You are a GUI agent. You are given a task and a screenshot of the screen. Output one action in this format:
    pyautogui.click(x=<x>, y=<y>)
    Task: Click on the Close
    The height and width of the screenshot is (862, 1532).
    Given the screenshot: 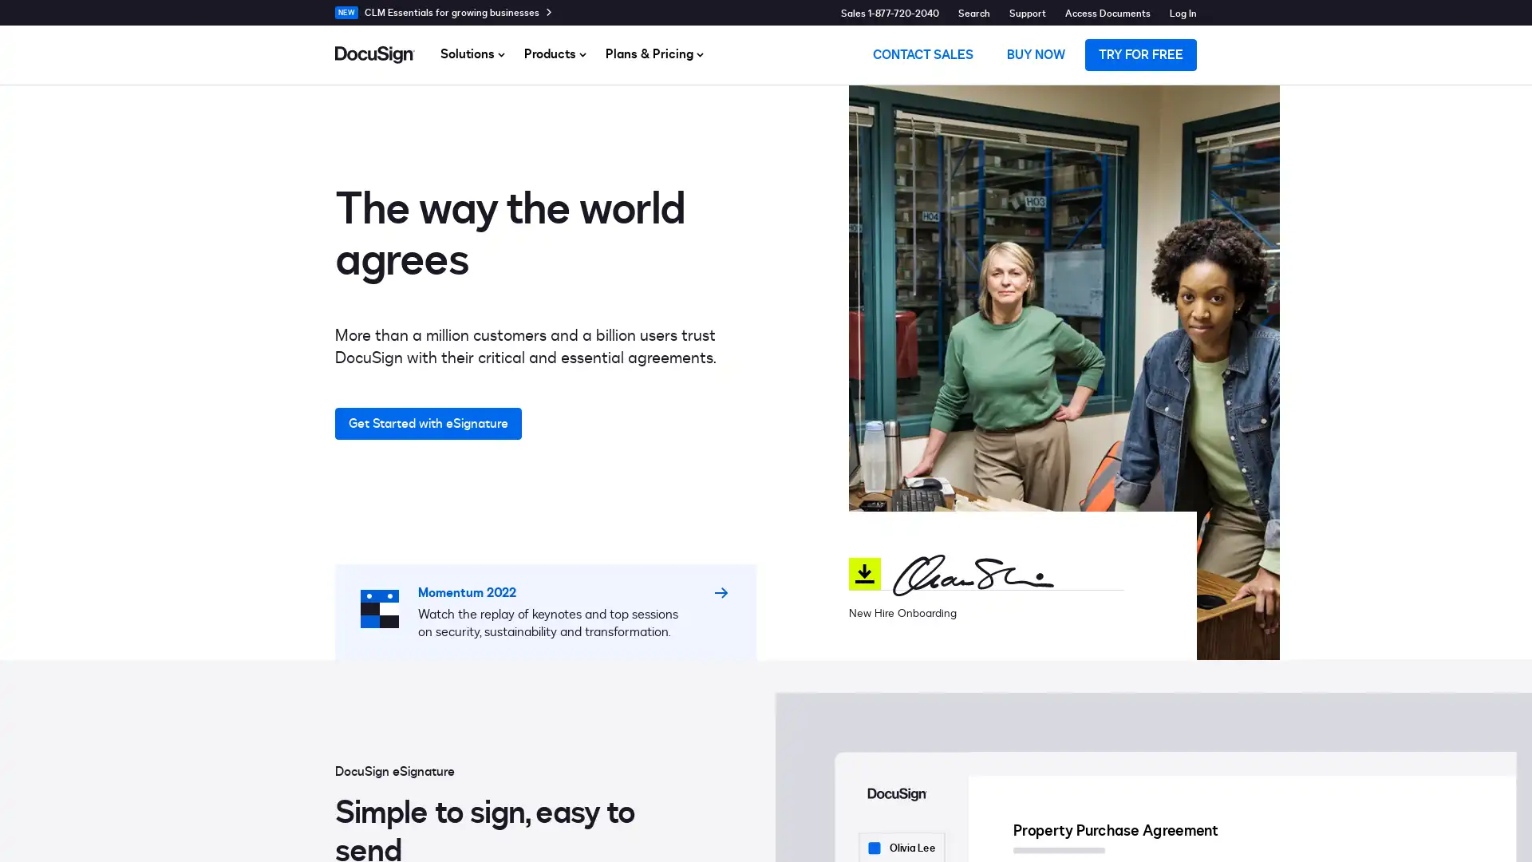 What is the action you would take?
    pyautogui.click(x=1505, y=825)
    